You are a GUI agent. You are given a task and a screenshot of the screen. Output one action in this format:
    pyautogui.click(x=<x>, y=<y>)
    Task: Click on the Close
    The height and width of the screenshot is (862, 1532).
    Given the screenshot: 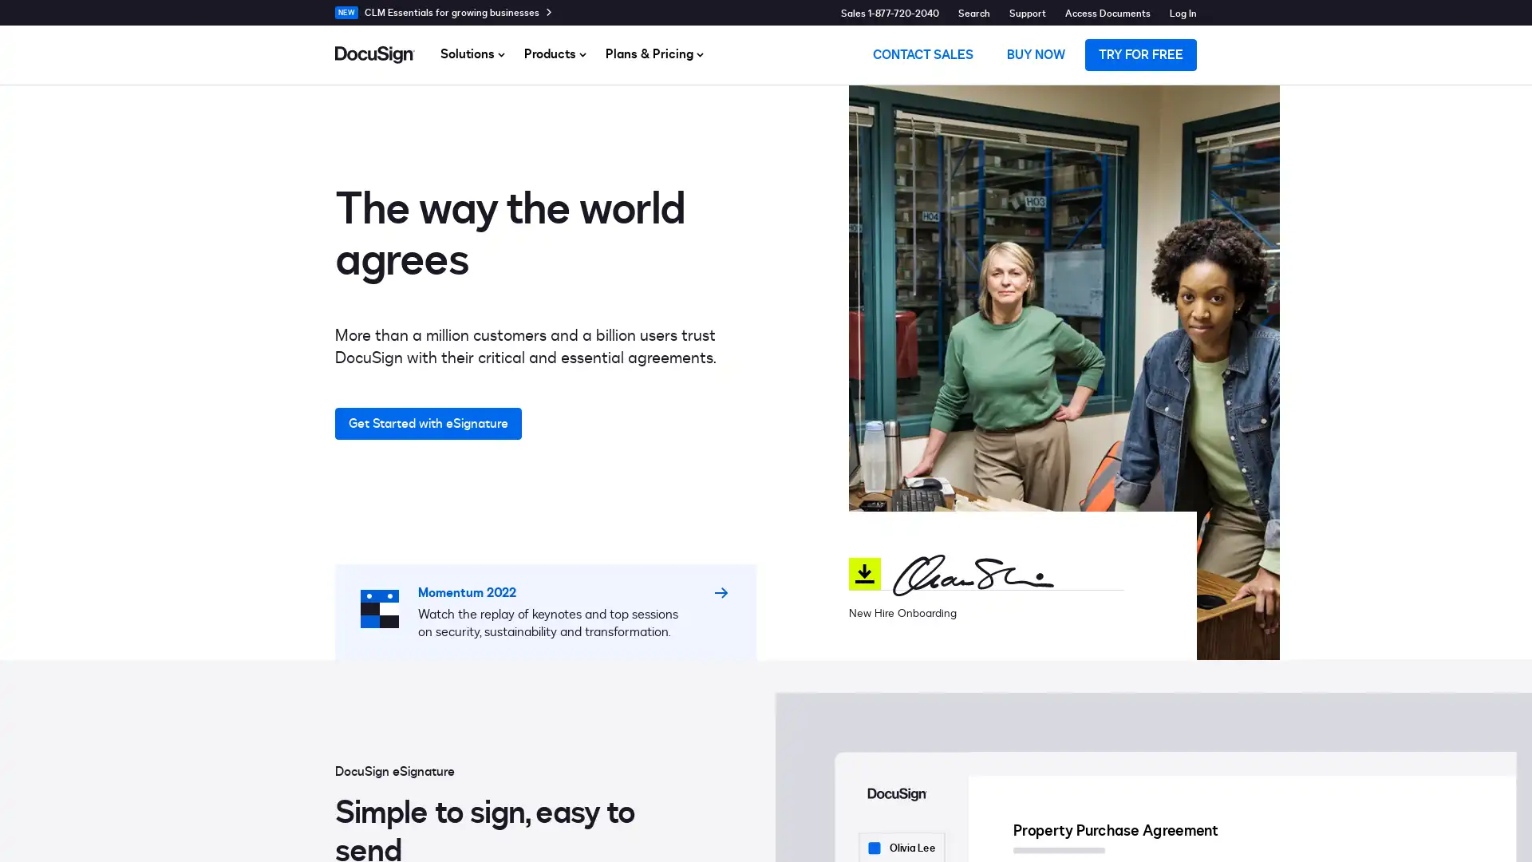 What is the action you would take?
    pyautogui.click(x=1505, y=825)
    